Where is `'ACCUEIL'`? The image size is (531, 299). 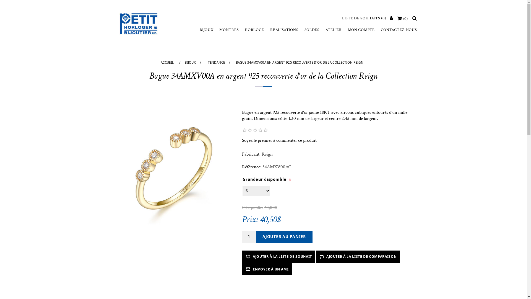
'ACCUEIL' is located at coordinates (167, 62).